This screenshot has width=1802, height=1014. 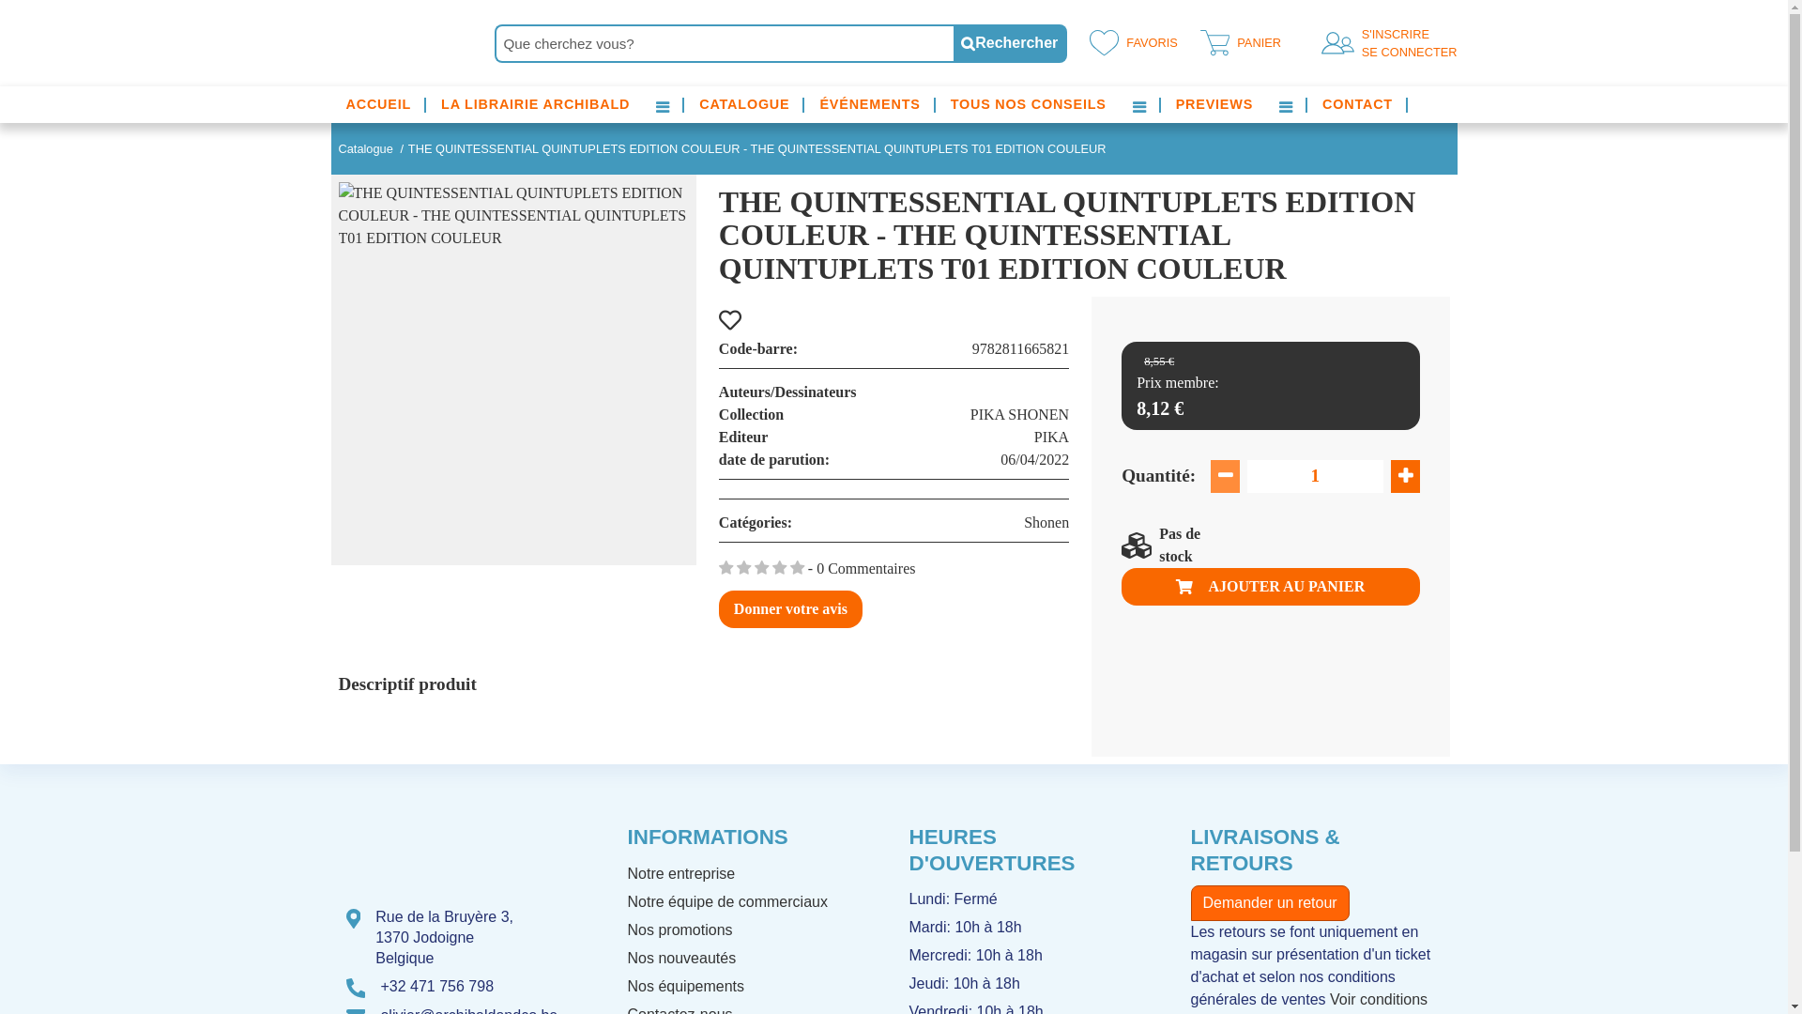 I want to click on 'LA LIBRAIRIE ARCHIBALD', so click(x=534, y=104).